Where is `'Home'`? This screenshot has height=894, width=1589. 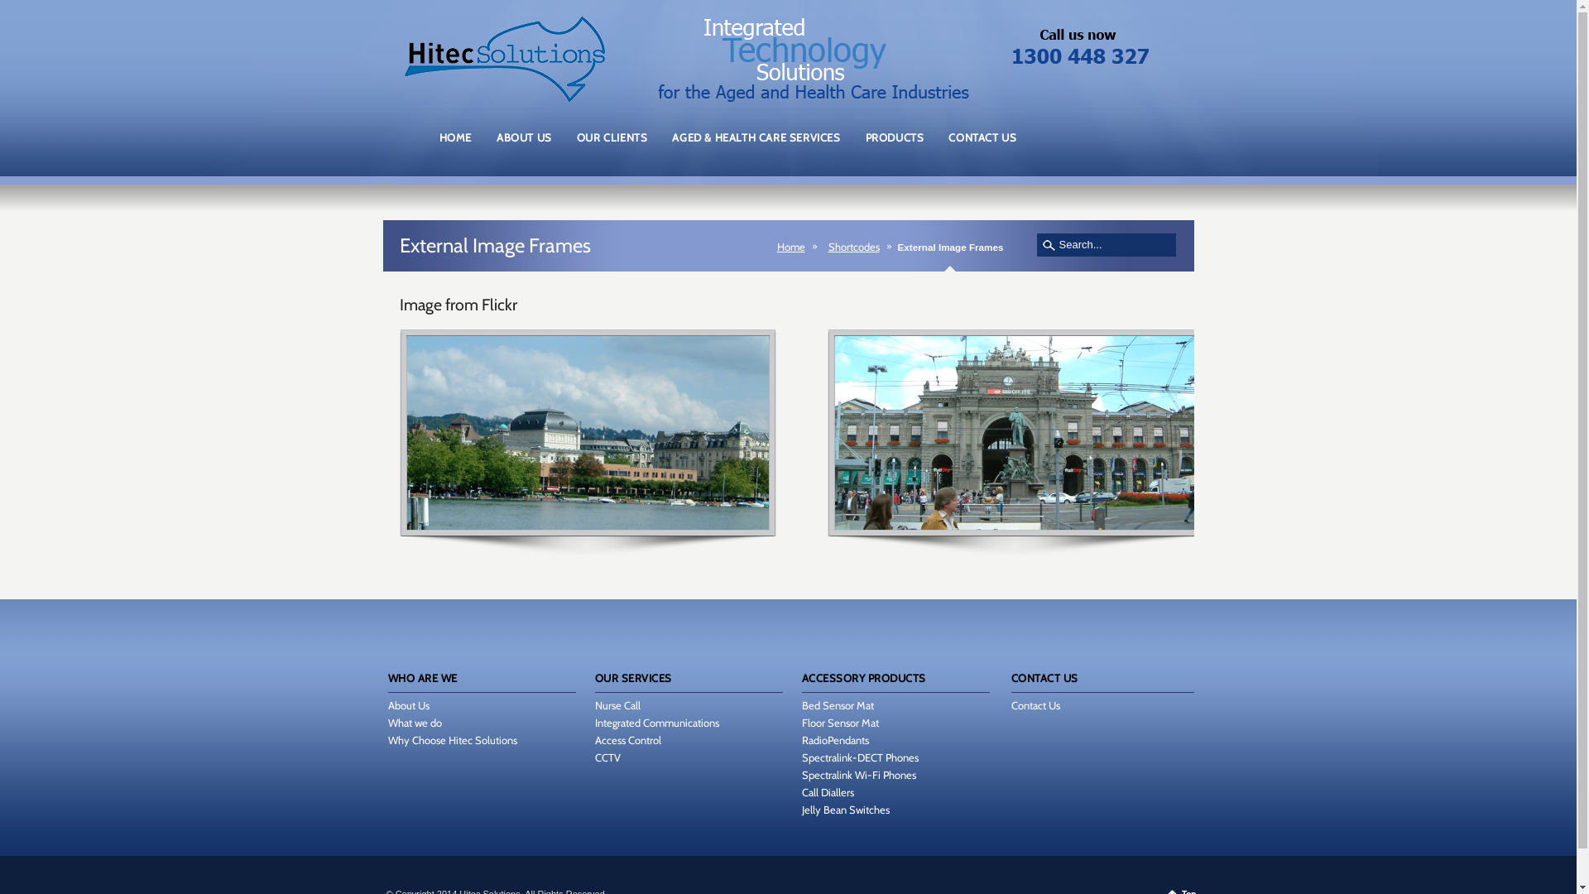 'Home' is located at coordinates (794, 246).